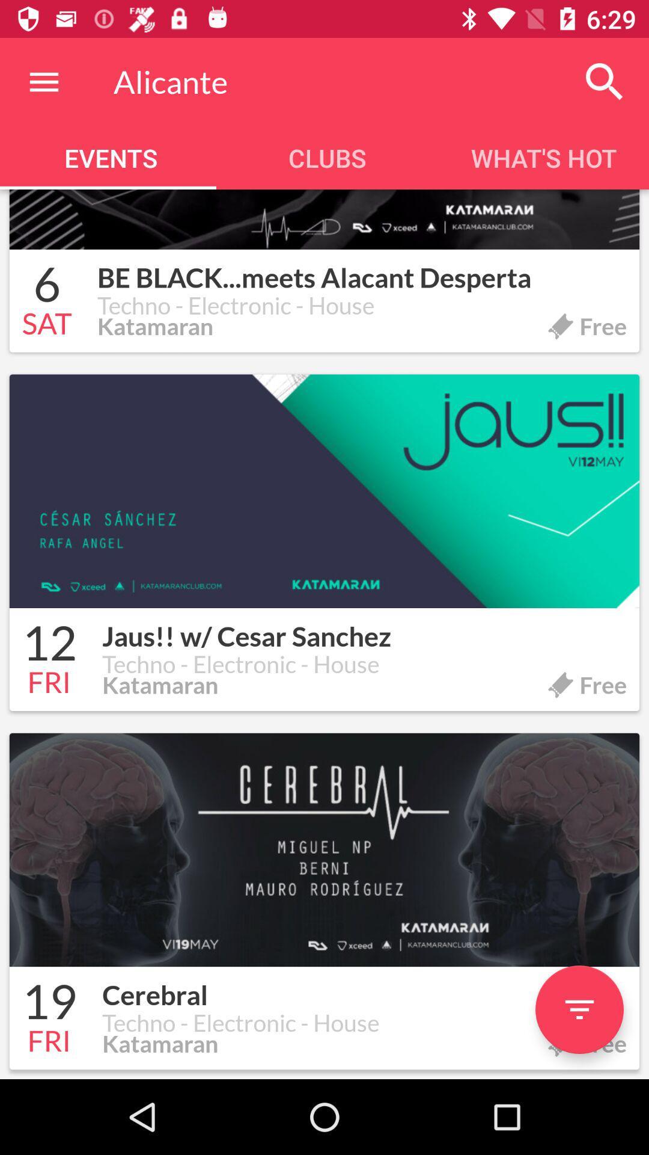  What do you see at coordinates (364, 629) in the screenshot?
I see `the icon next to the 12 item` at bounding box center [364, 629].